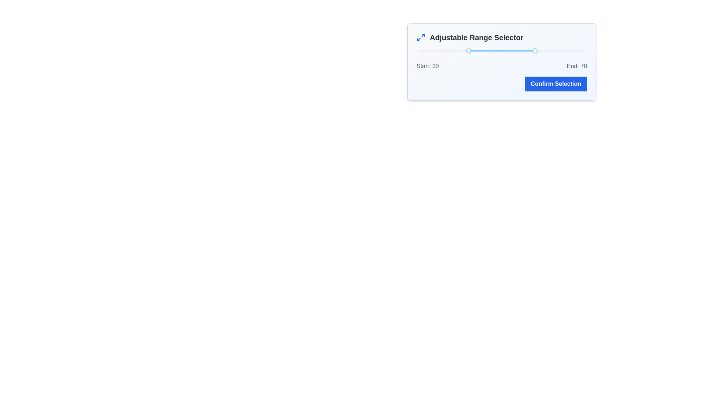 The height and width of the screenshot is (398, 709). I want to click on the slider, so click(513, 50).